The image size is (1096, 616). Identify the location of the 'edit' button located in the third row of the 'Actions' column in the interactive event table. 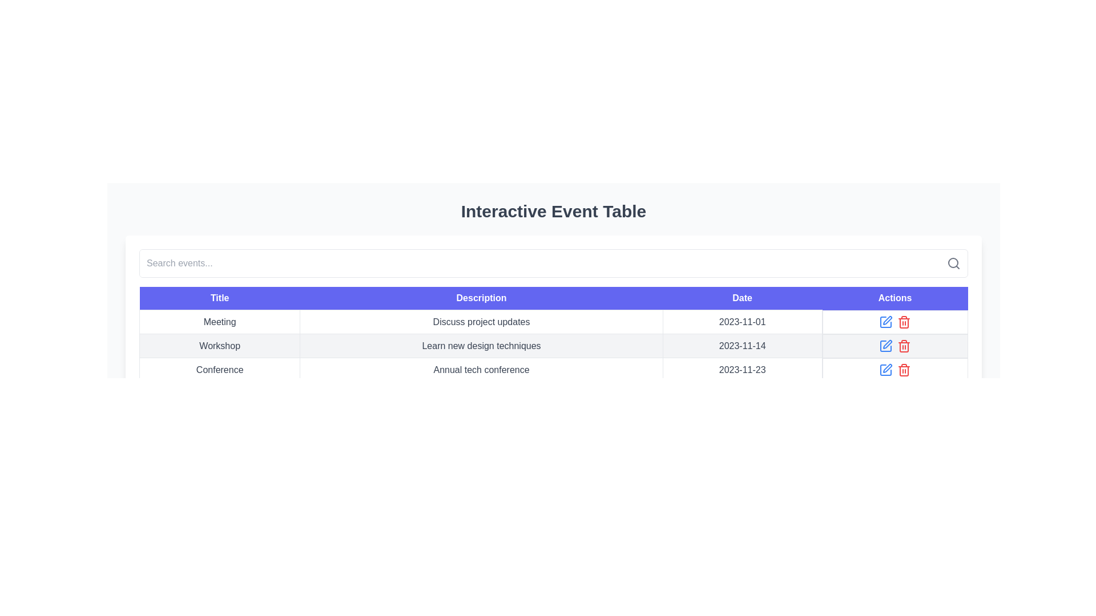
(887, 368).